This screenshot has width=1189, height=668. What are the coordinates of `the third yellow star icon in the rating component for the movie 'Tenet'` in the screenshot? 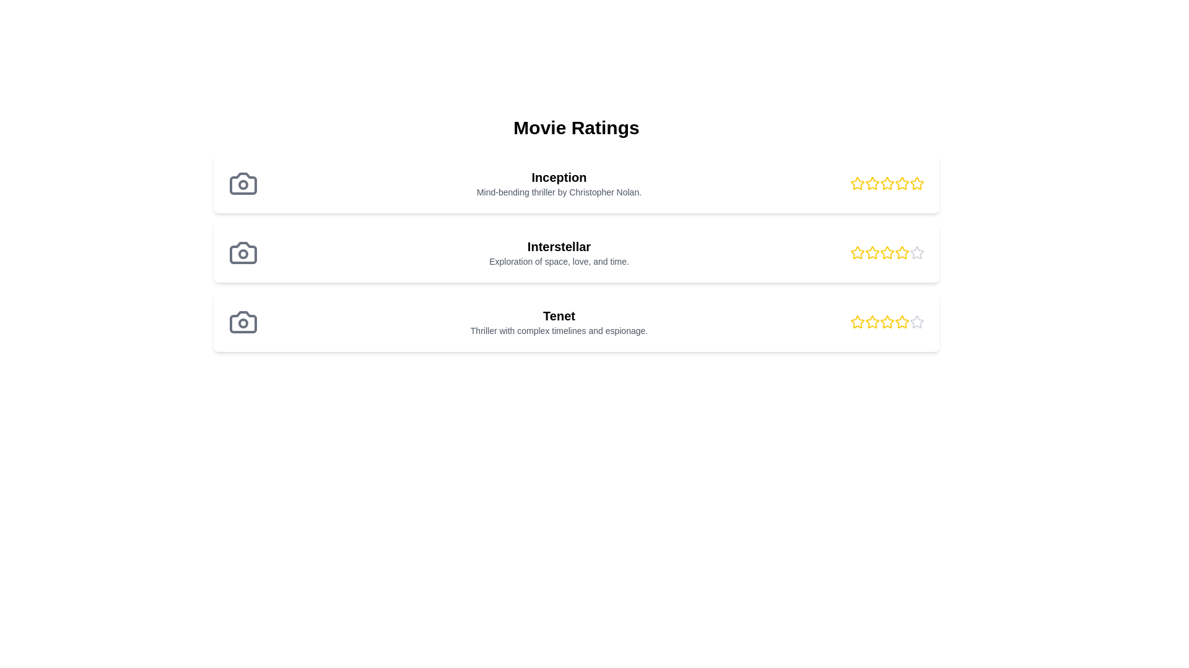 It's located at (901, 321).